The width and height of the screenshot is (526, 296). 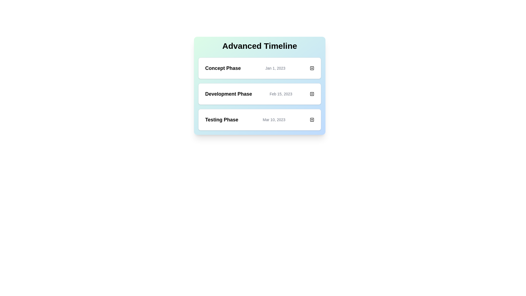 What do you see at coordinates (312, 94) in the screenshot?
I see `the square-shaped plus icon located at the right end of the row containing 'Development Phase' and 'Feb 15, 2023'` at bounding box center [312, 94].